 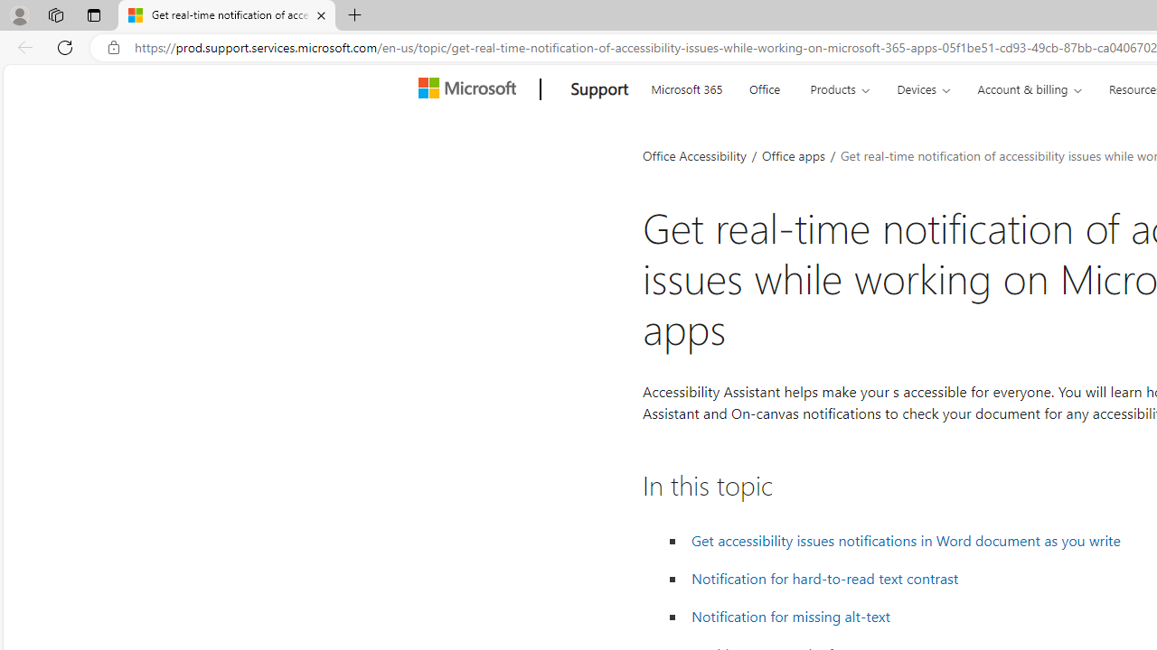 What do you see at coordinates (685, 87) in the screenshot?
I see `'Microsoft 365'` at bounding box center [685, 87].